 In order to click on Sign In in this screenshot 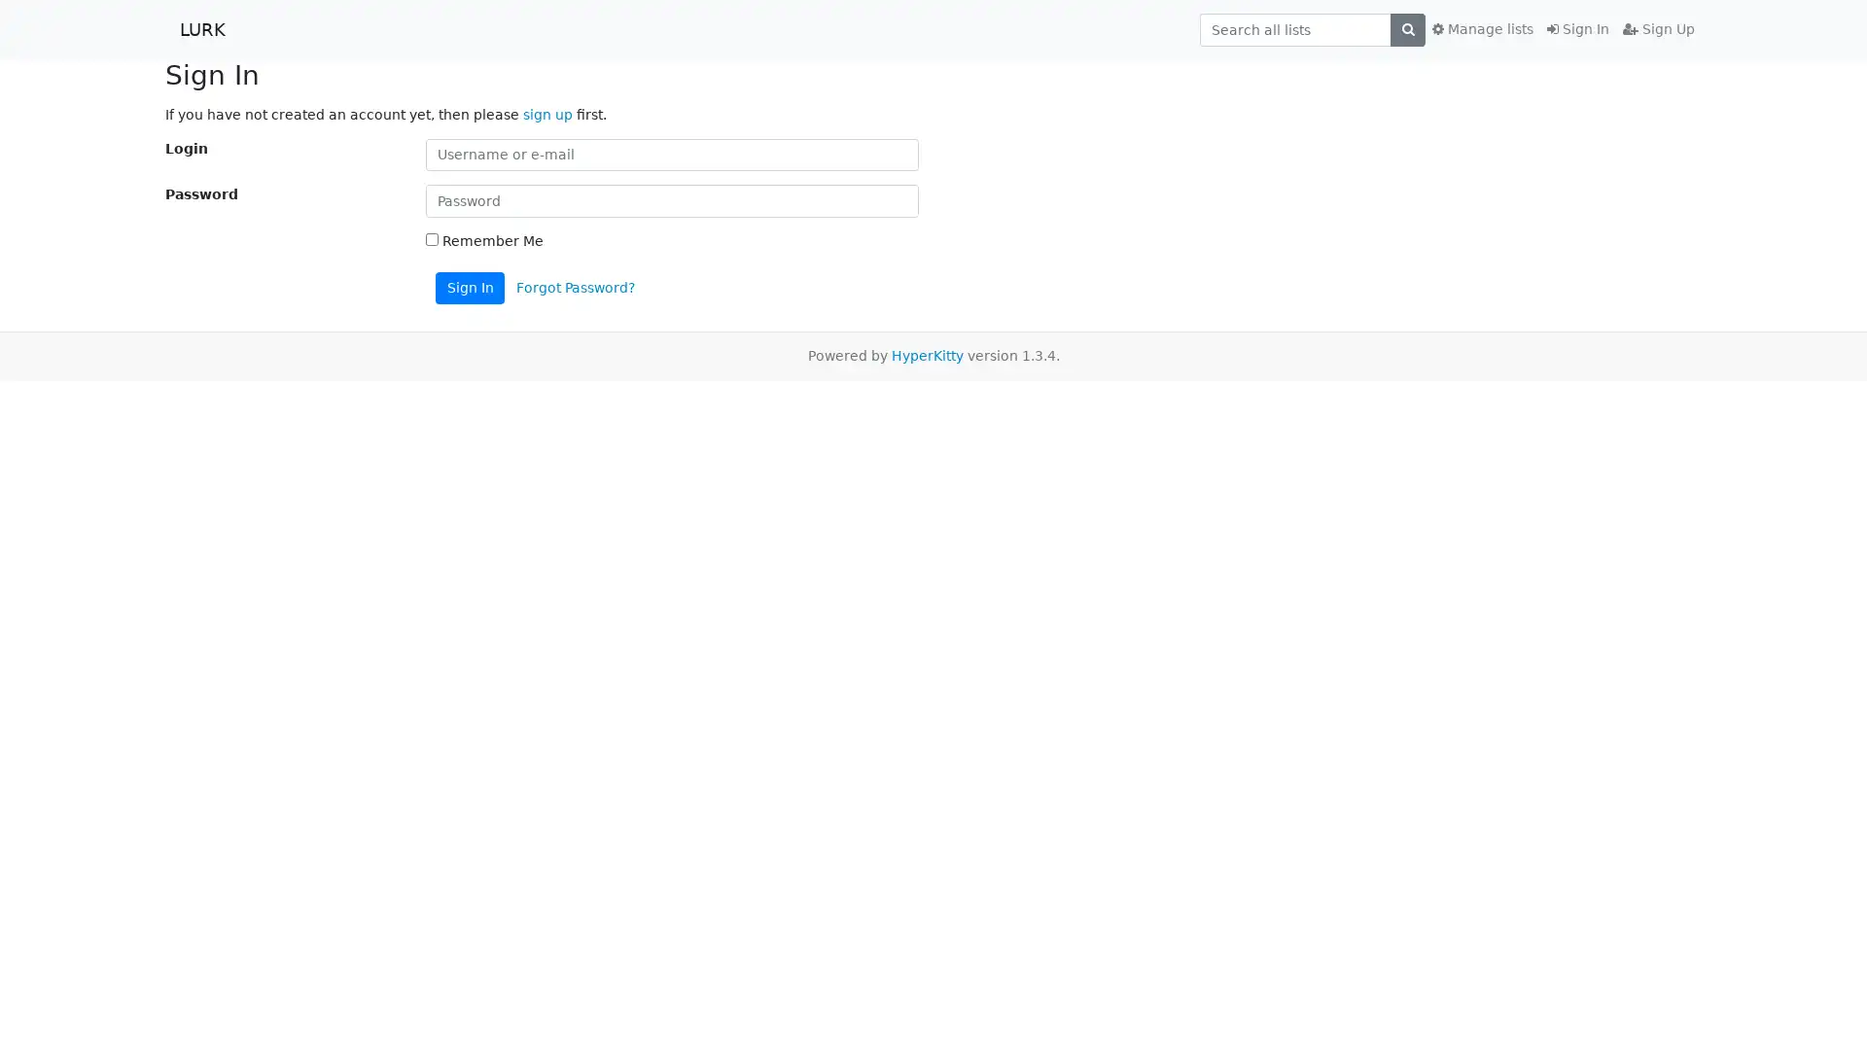, I will do `click(470, 288)`.